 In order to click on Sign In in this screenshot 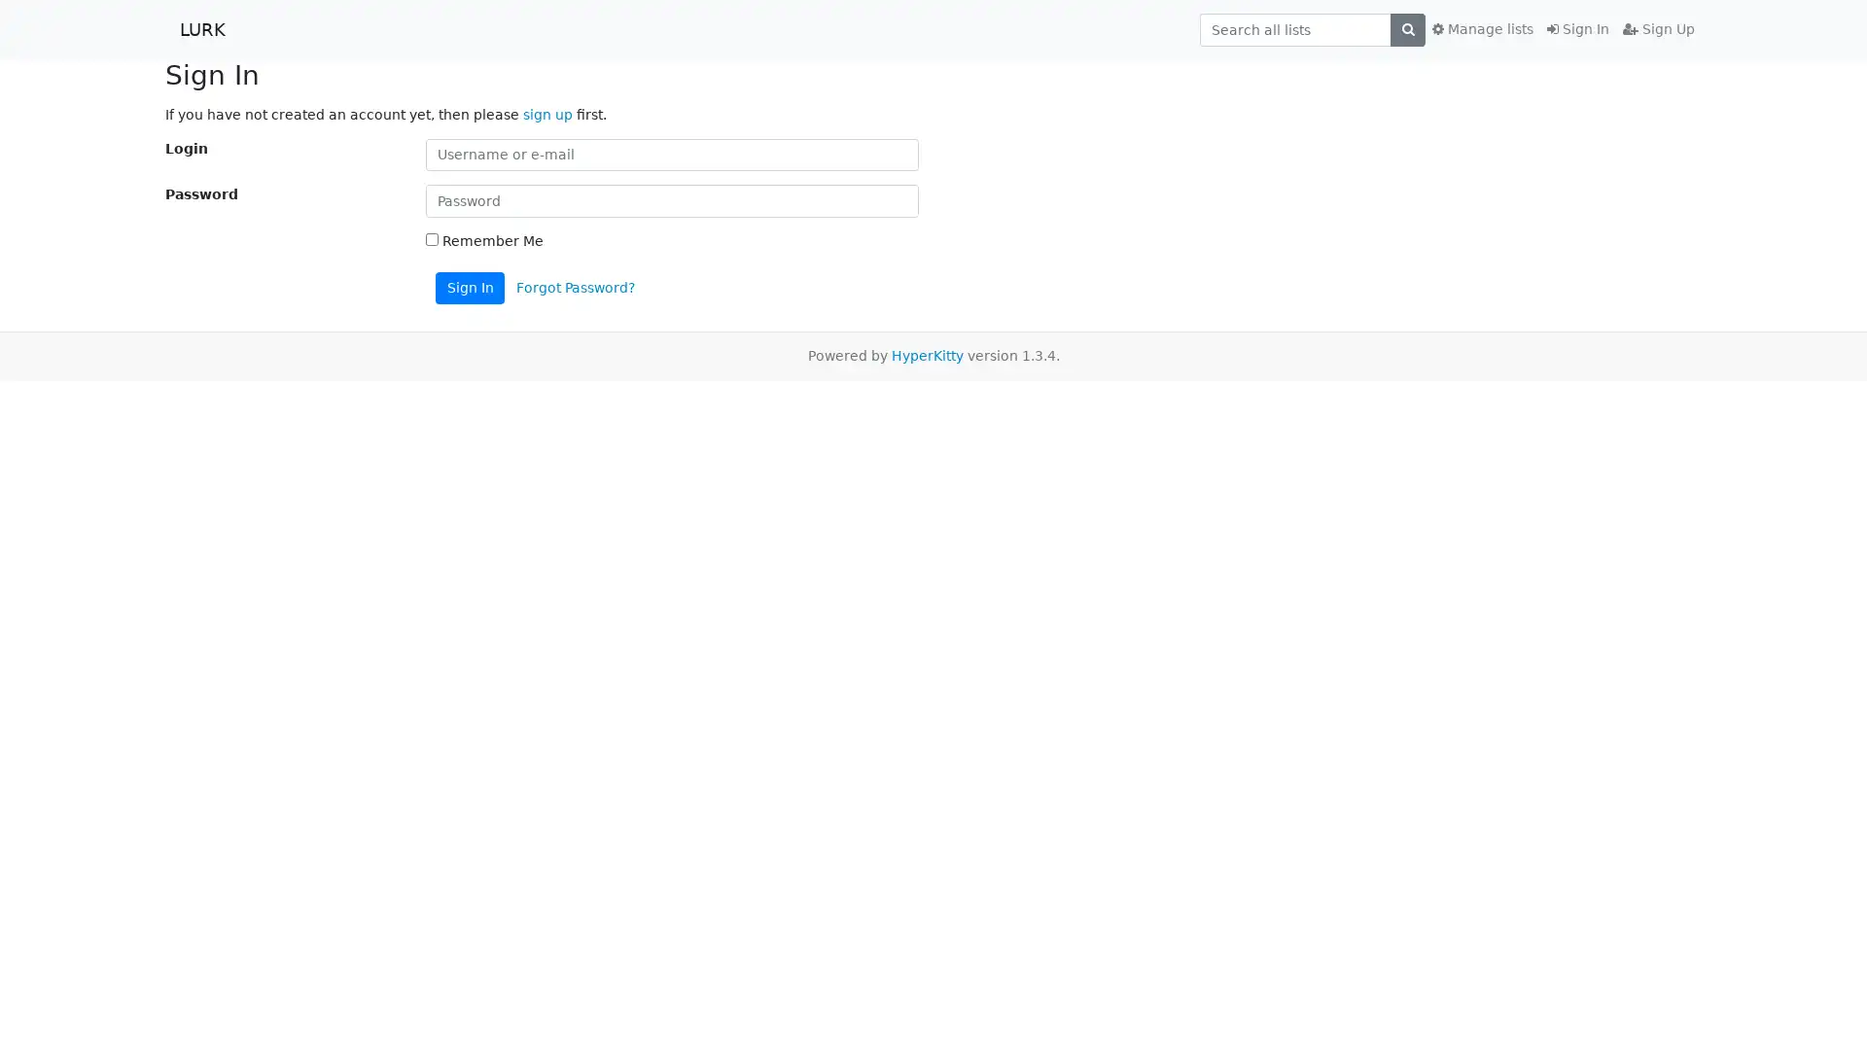, I will do `click(470, 288)`.